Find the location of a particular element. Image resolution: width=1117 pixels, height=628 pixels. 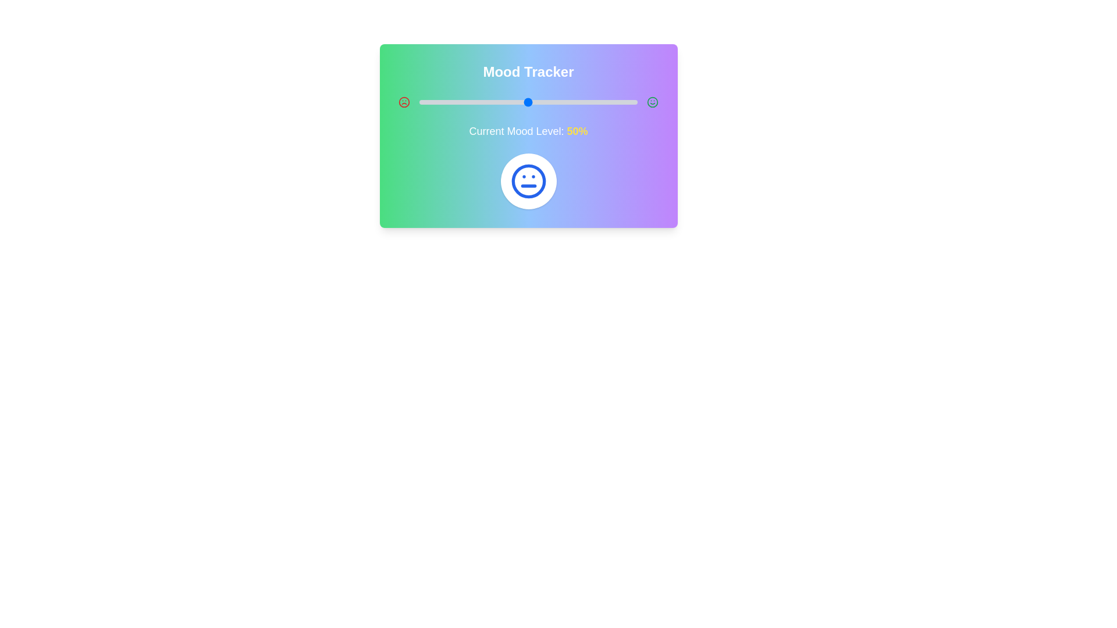

the mood level to 3% by dragging the slider is located at coordinates (425, 102).